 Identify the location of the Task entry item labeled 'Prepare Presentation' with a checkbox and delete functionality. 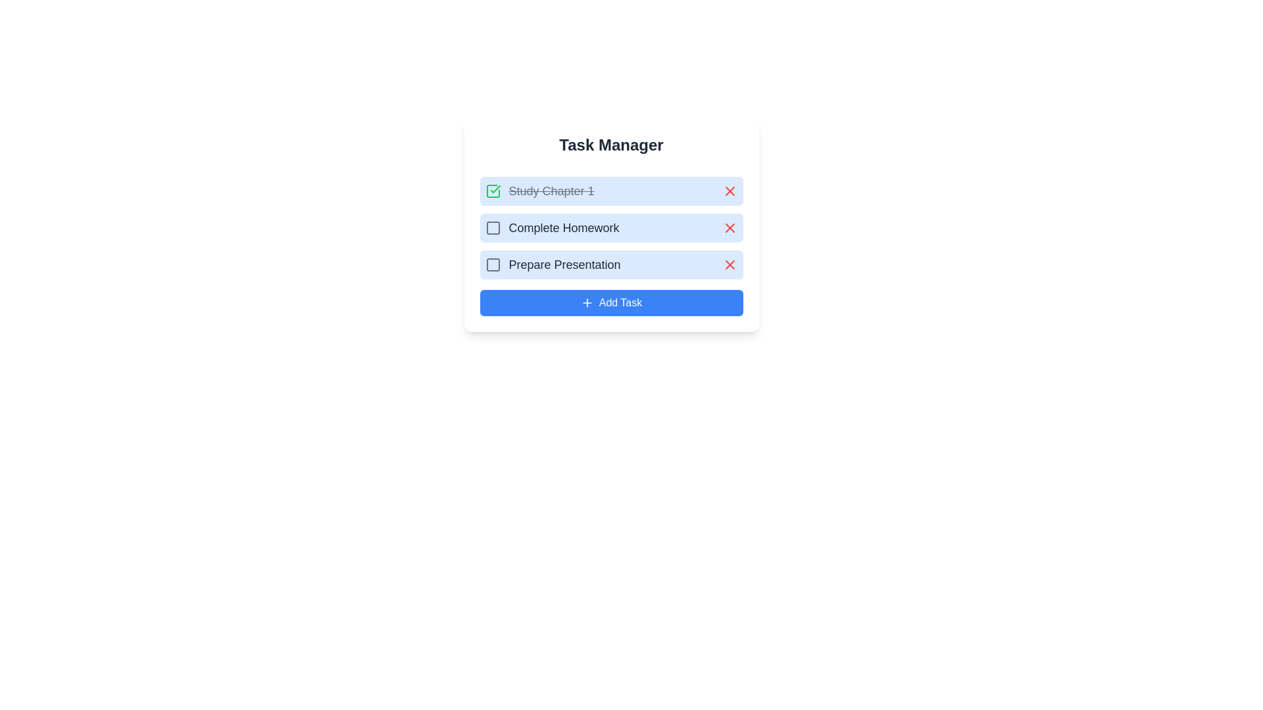
(610, 264).